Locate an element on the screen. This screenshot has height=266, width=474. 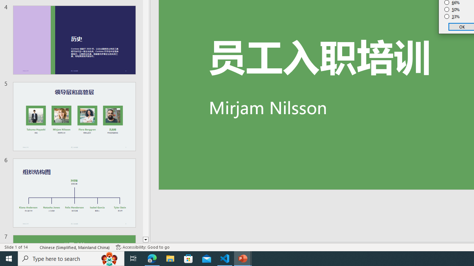
'File Explorer' is located at coordinates (170, 258).